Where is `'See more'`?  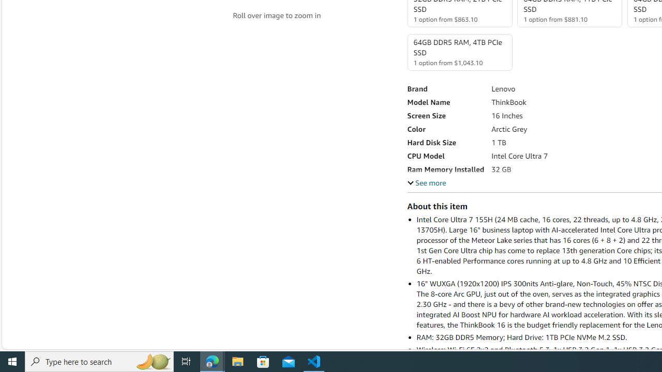 'See more' is located at coordinates (426, 182).